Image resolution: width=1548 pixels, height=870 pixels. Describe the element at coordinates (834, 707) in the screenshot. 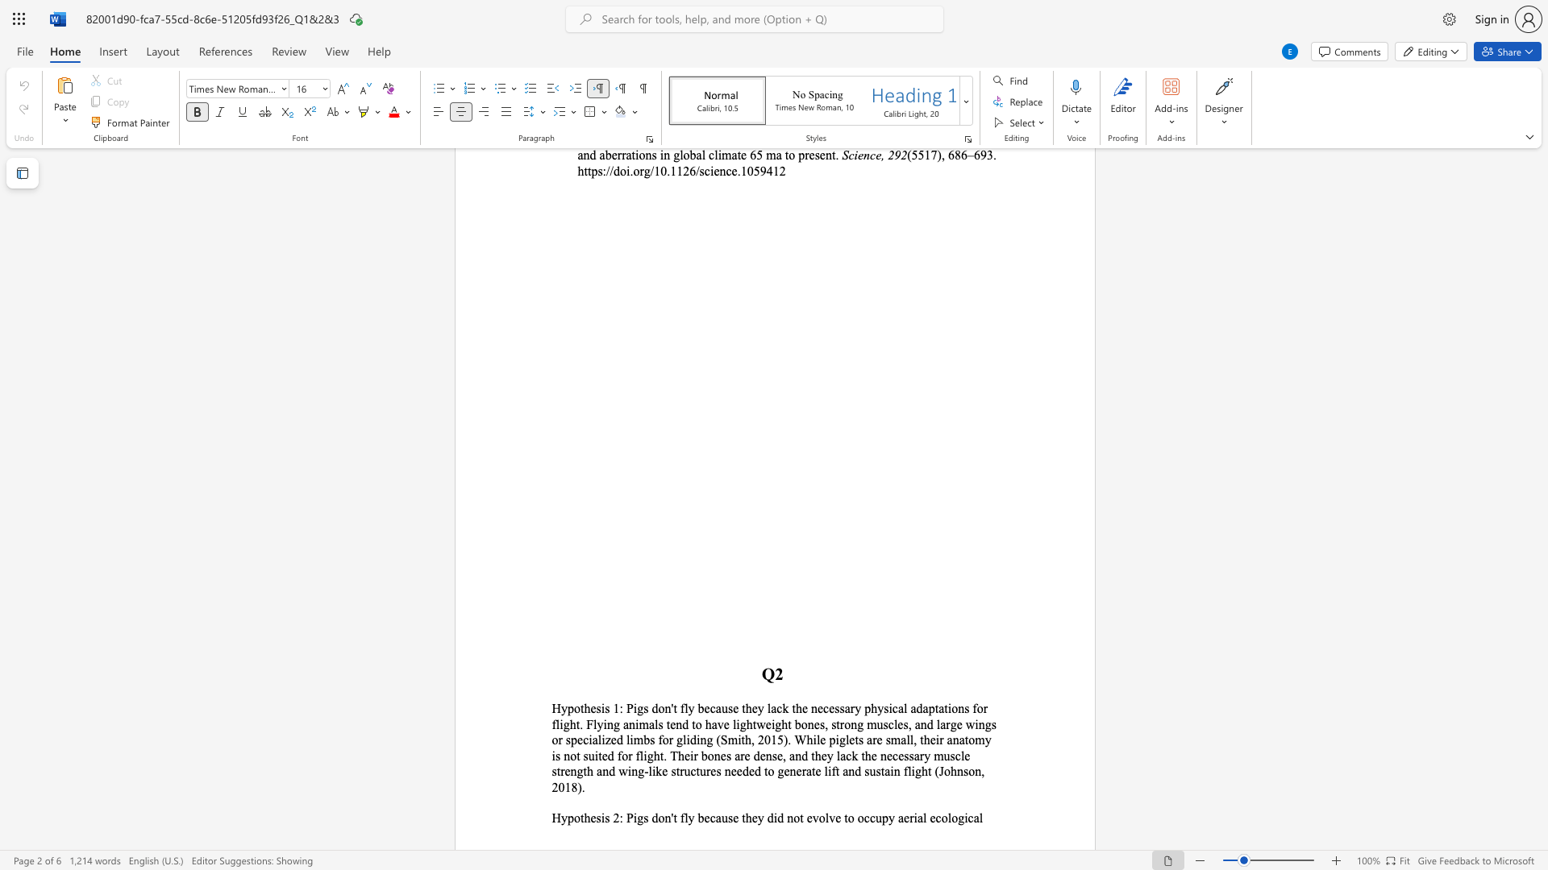

I see `the subset text "ssary physical adaptat" within the text "fly because they lack the necessary physical adaptations for"` at that location.